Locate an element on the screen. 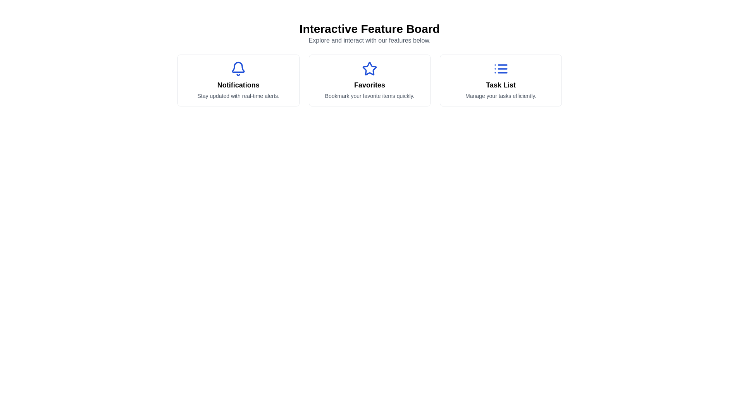  the text label indicating the purpose of the card for managing tasks, located at the far-right of the row of three cards is located at coordinates (501, 85).